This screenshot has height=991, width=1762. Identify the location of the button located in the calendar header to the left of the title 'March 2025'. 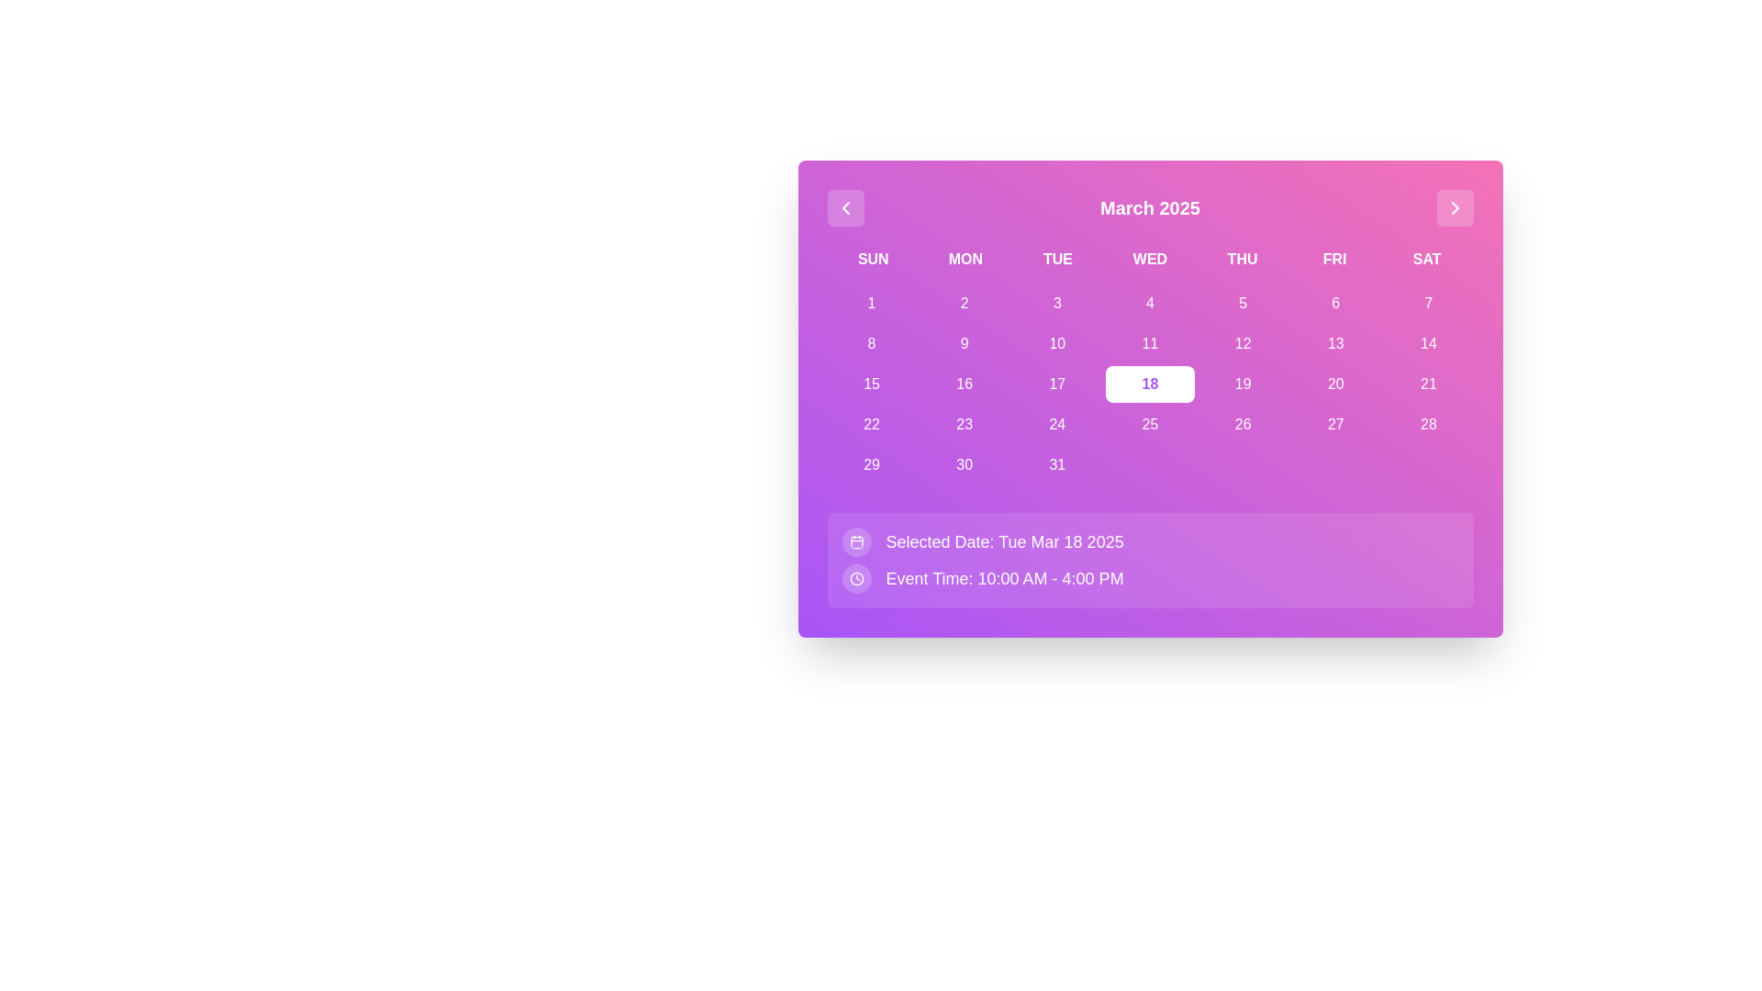
(844, 207).